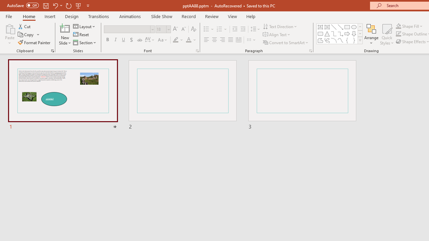 Image resolution: width=429 pixels, height=241 pixels. Describe the element at coordinates (333, 40) in the screenshot. I see `'Arc'` at that location.